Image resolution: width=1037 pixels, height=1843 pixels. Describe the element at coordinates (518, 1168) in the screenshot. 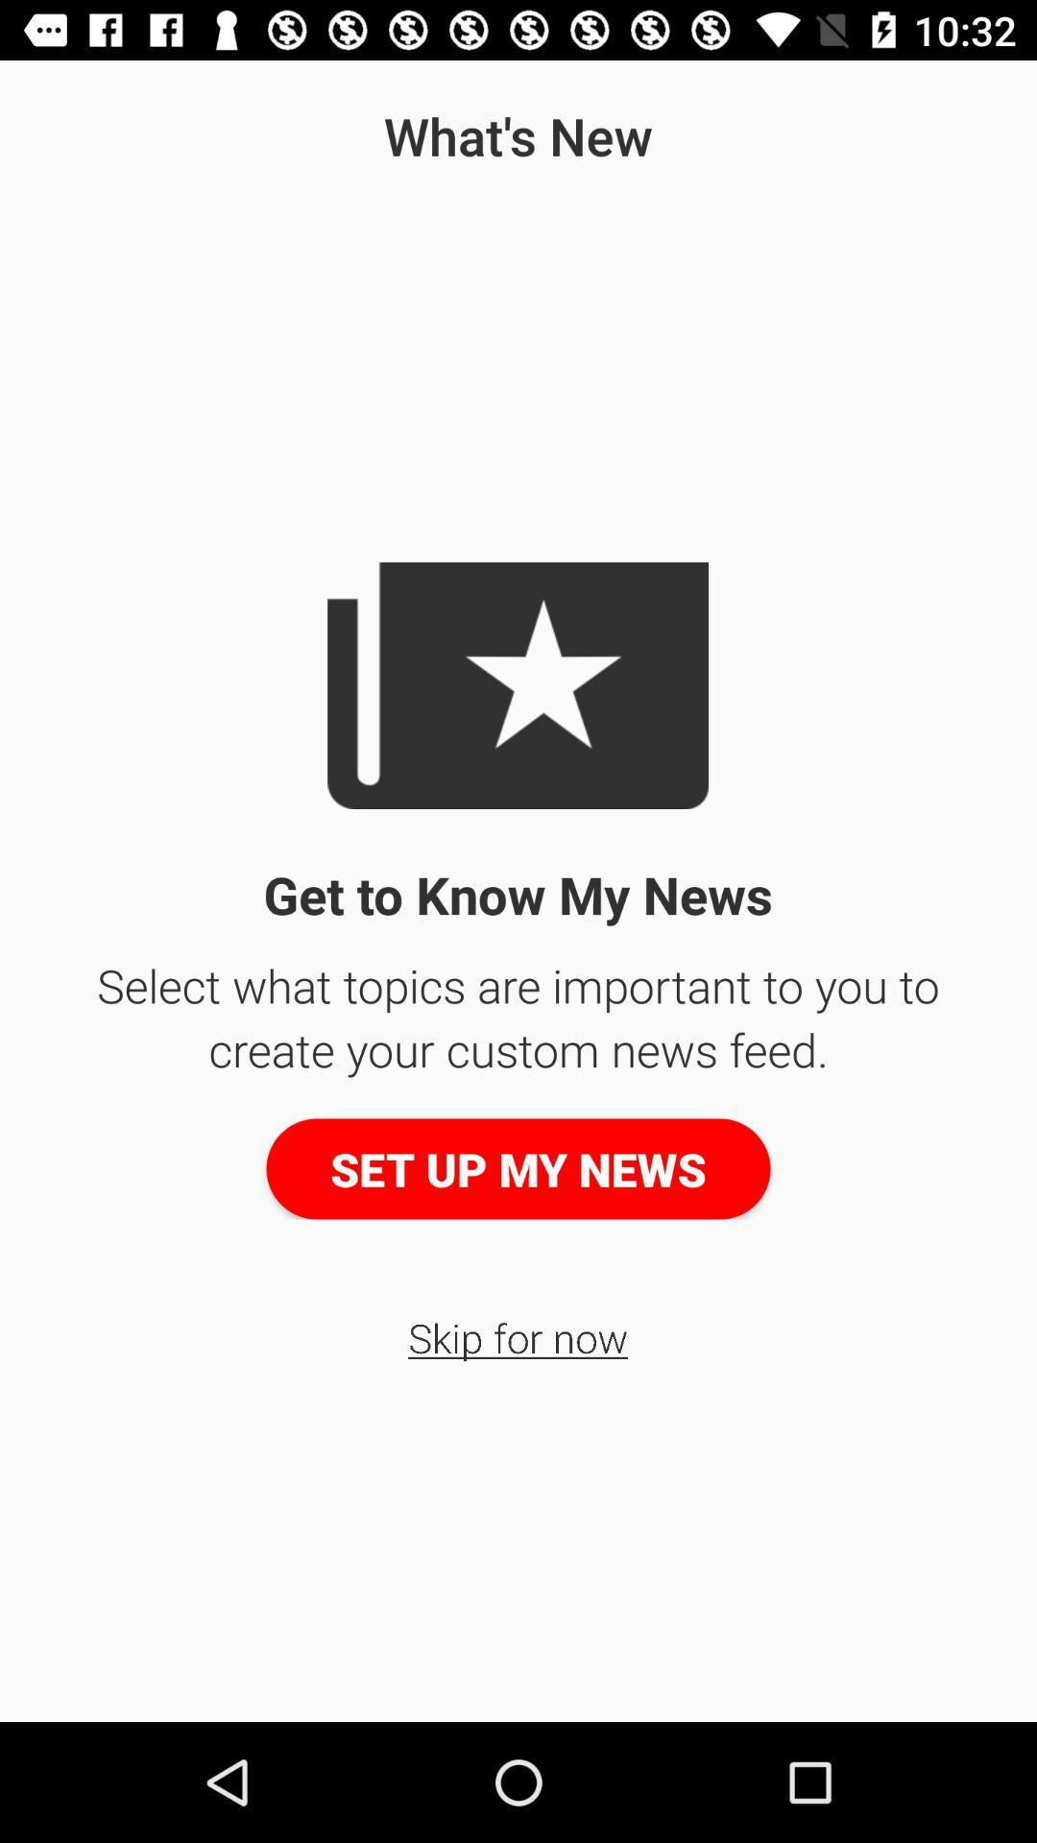

I see `the icon below select what topics` at that location.